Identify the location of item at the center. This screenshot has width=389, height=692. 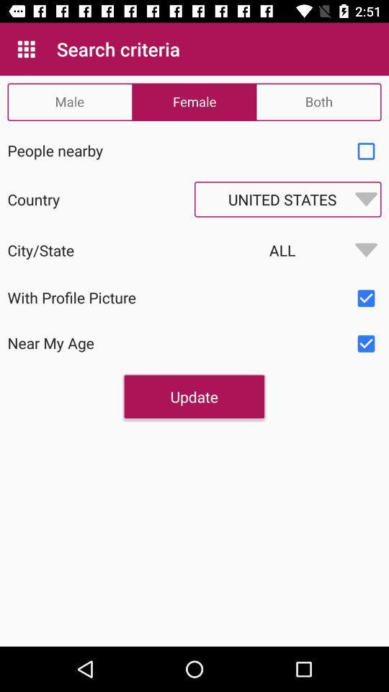
(194, 396).